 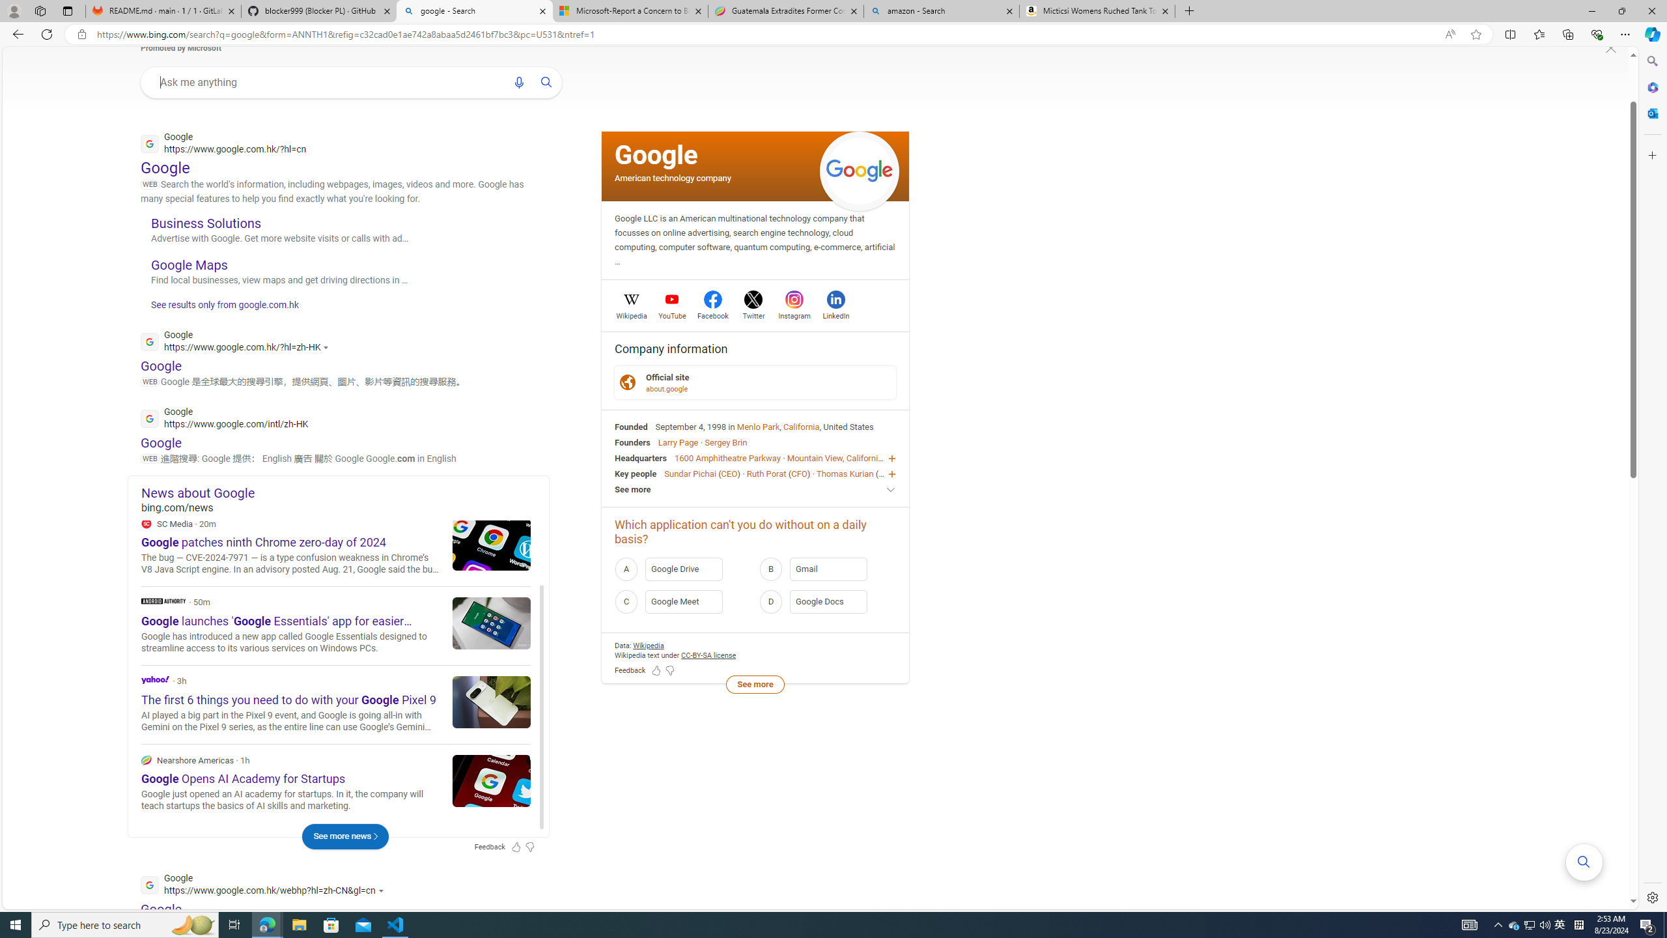 I want to click on 'Sundar Pichai', so click(x=690, y=472).